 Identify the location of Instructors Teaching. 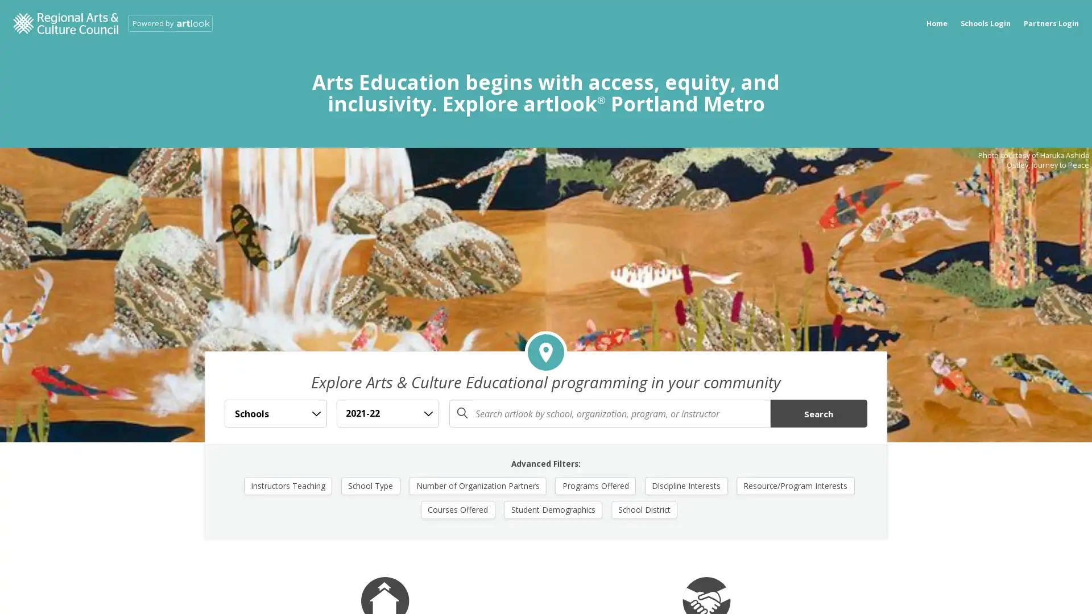
(287, 485).